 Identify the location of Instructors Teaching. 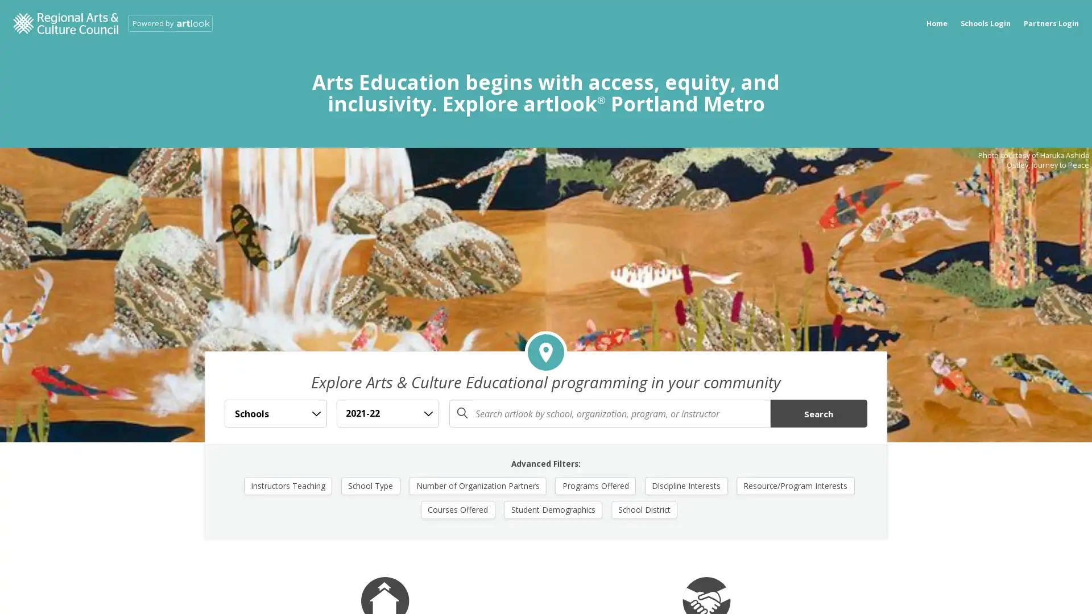
(287, 485).